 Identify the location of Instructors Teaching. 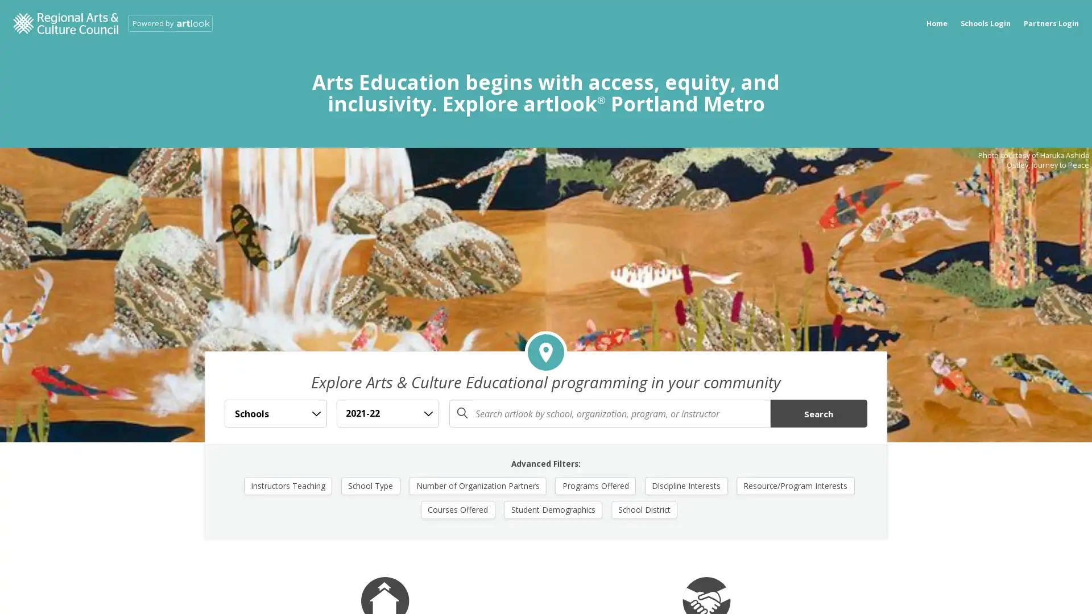
(287, 485).